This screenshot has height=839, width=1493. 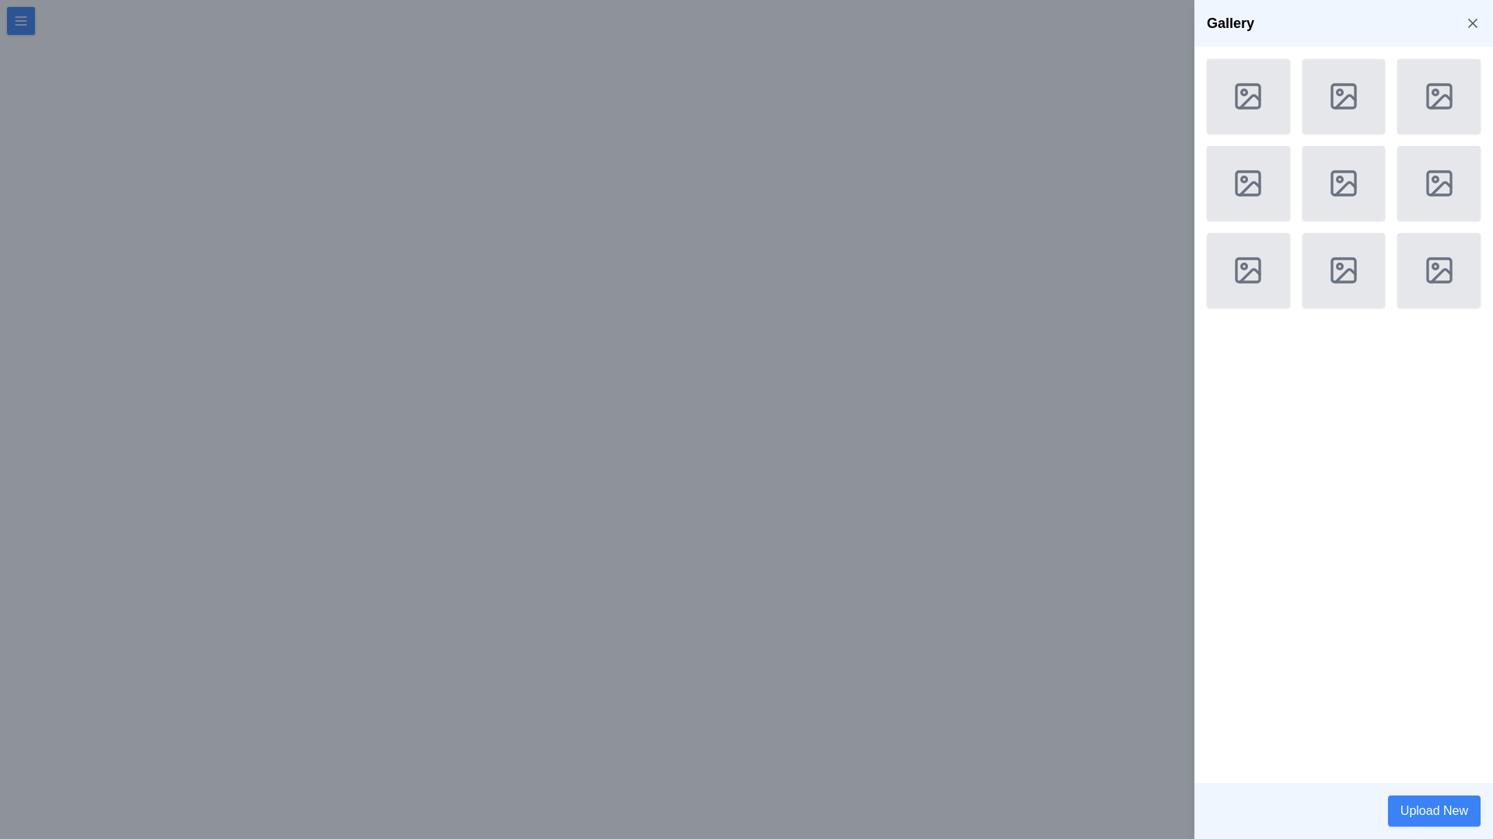 I want to click on the image icon located in the middle row and second column of a 3x3 grid layout in the right panel, which has a light gray background and rounded corners, so click(x=1248, y=182).